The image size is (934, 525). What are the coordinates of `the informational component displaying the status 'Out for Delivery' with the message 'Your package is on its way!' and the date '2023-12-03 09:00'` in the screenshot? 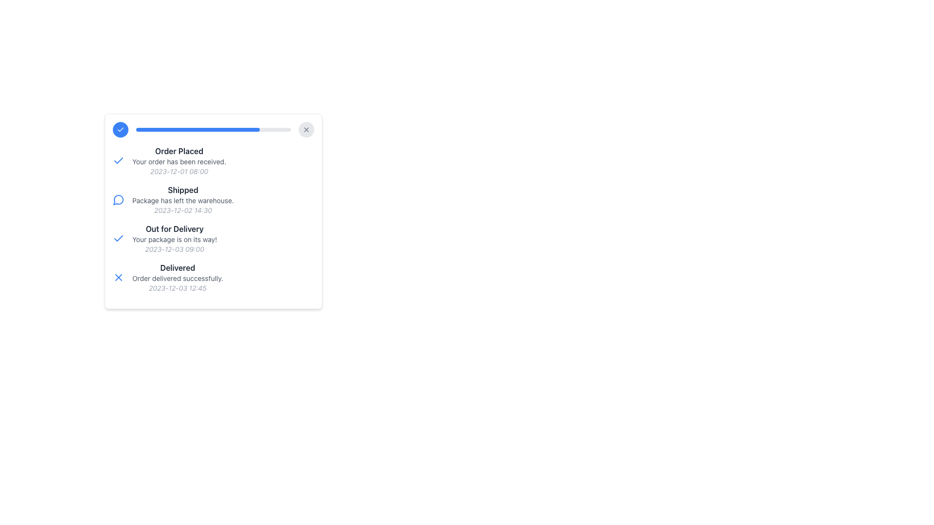 It's located at (175, 238).